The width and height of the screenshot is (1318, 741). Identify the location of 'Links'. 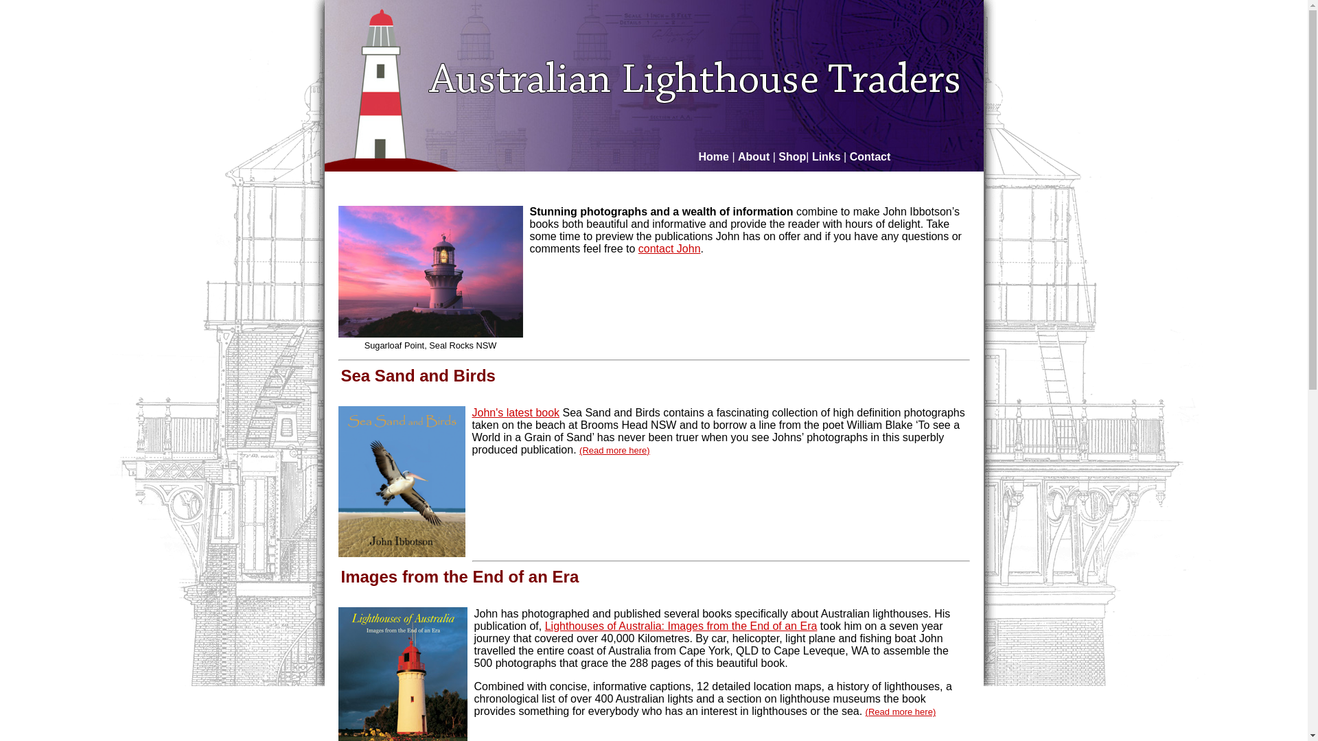
(811, 156).